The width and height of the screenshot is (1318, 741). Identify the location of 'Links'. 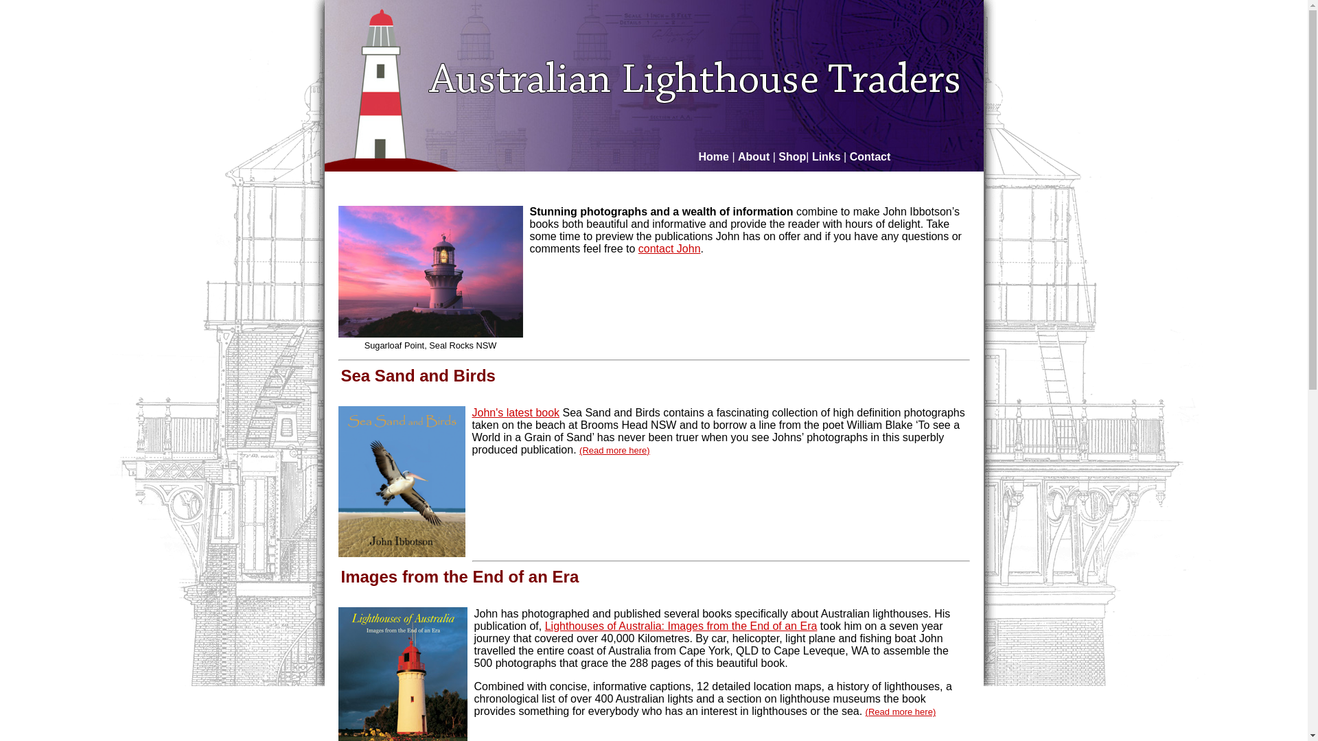
(811, 156).